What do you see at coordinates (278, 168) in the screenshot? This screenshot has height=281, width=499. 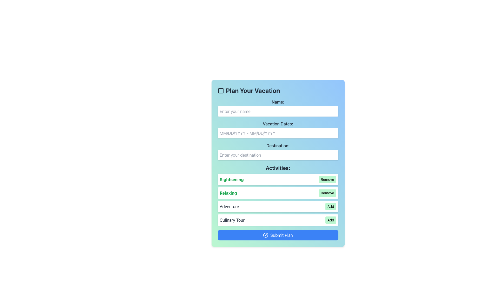 I see `the bold text label 'Activities:' which is positioned at the top of the activities section, directly below the 'Destination' input field` at bounding box center [278, 168].